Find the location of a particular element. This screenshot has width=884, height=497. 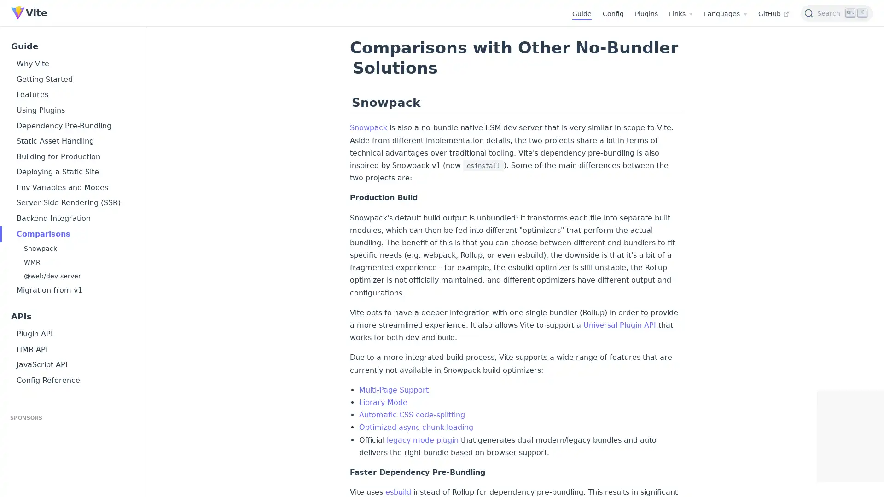

Languages is located at coordinates (725, 14).